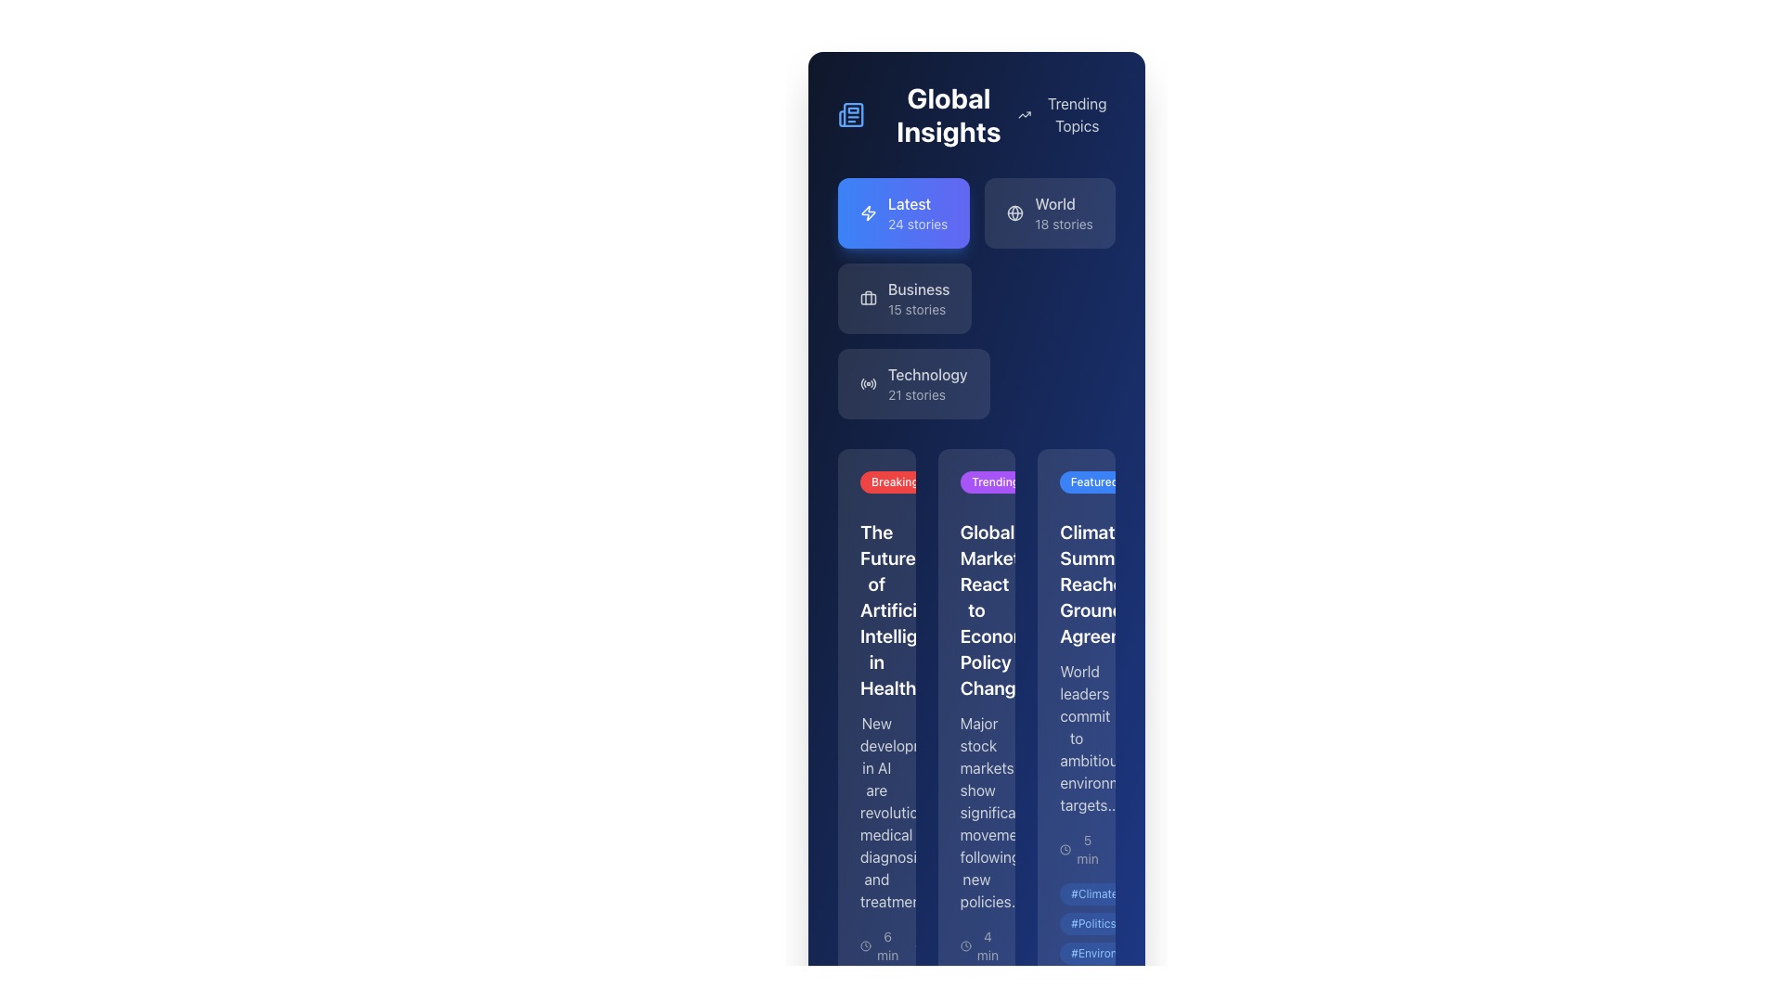 The height and width of the screenshot is (1002, 1782). Describe the element at coordinates (919, 309) in the screenshot. I see `the informational text label indicating the number of stories associated with the 'Business' topic, which is located directly below the 'Business' label on the left side of the interface` at that location.